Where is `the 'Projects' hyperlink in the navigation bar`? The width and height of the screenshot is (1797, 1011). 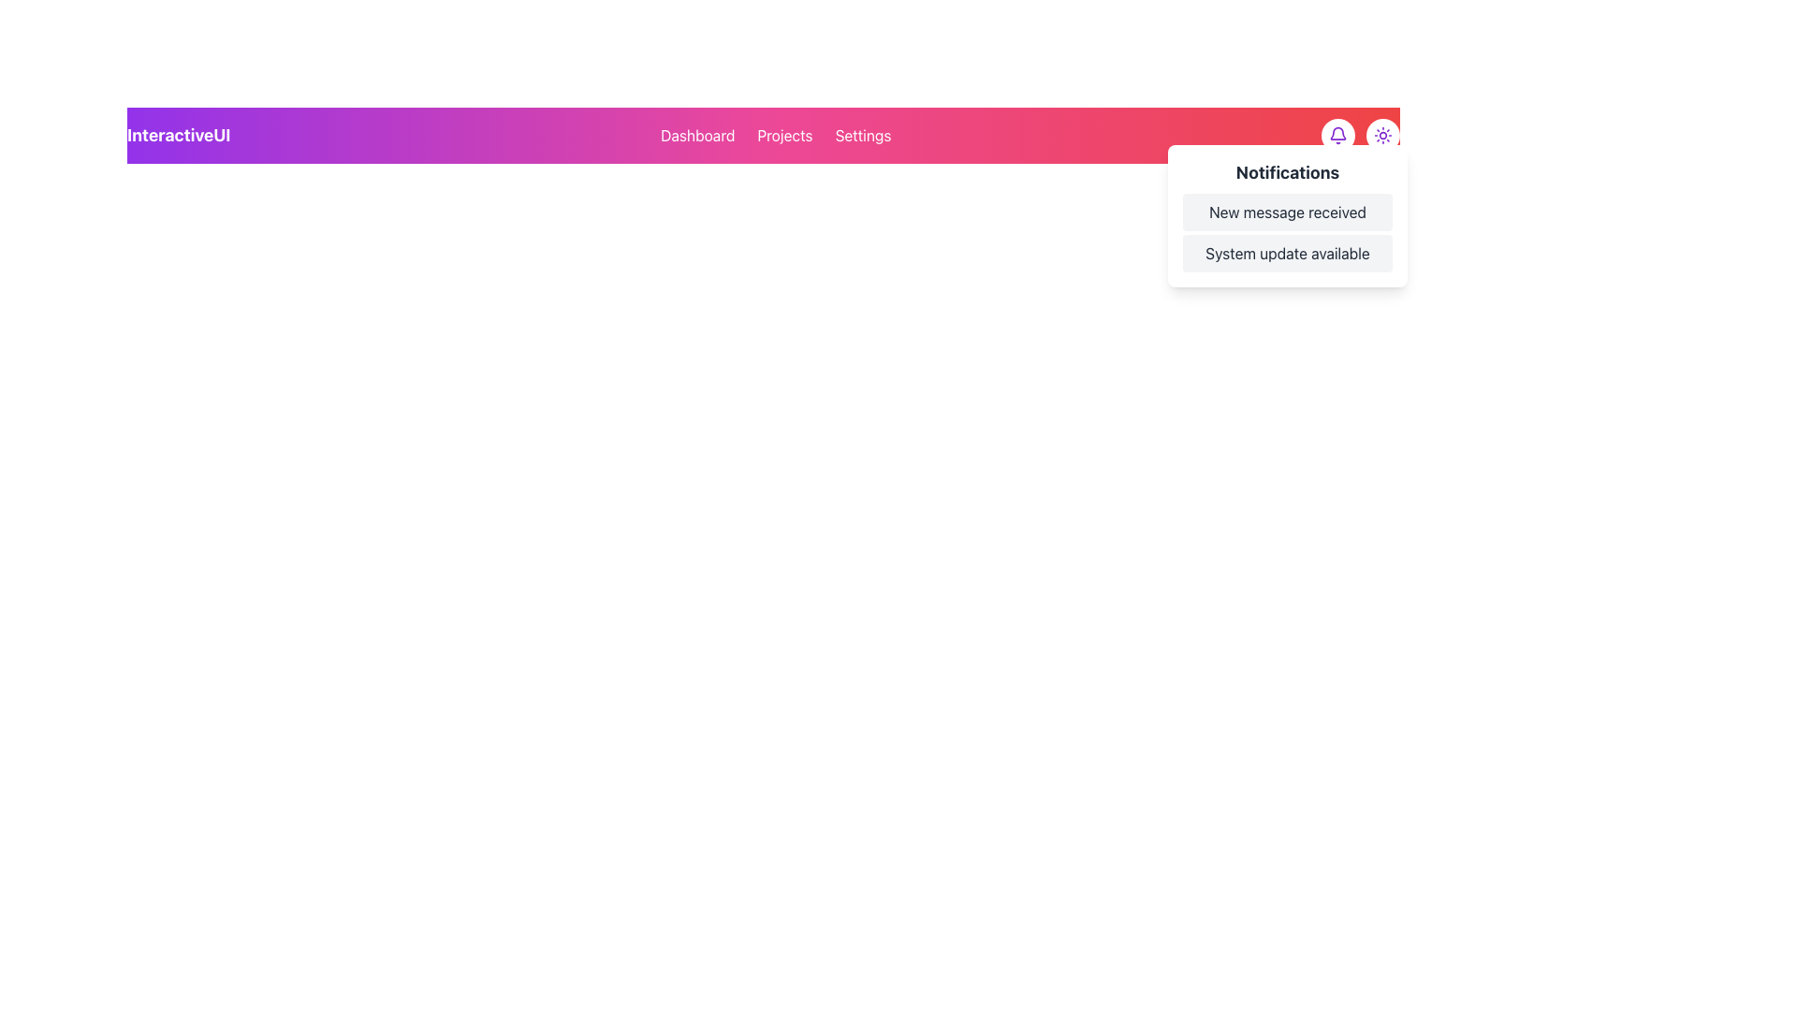
the 'Projects' hyperlink in the navigation bar is located at coordinates (785, 135).